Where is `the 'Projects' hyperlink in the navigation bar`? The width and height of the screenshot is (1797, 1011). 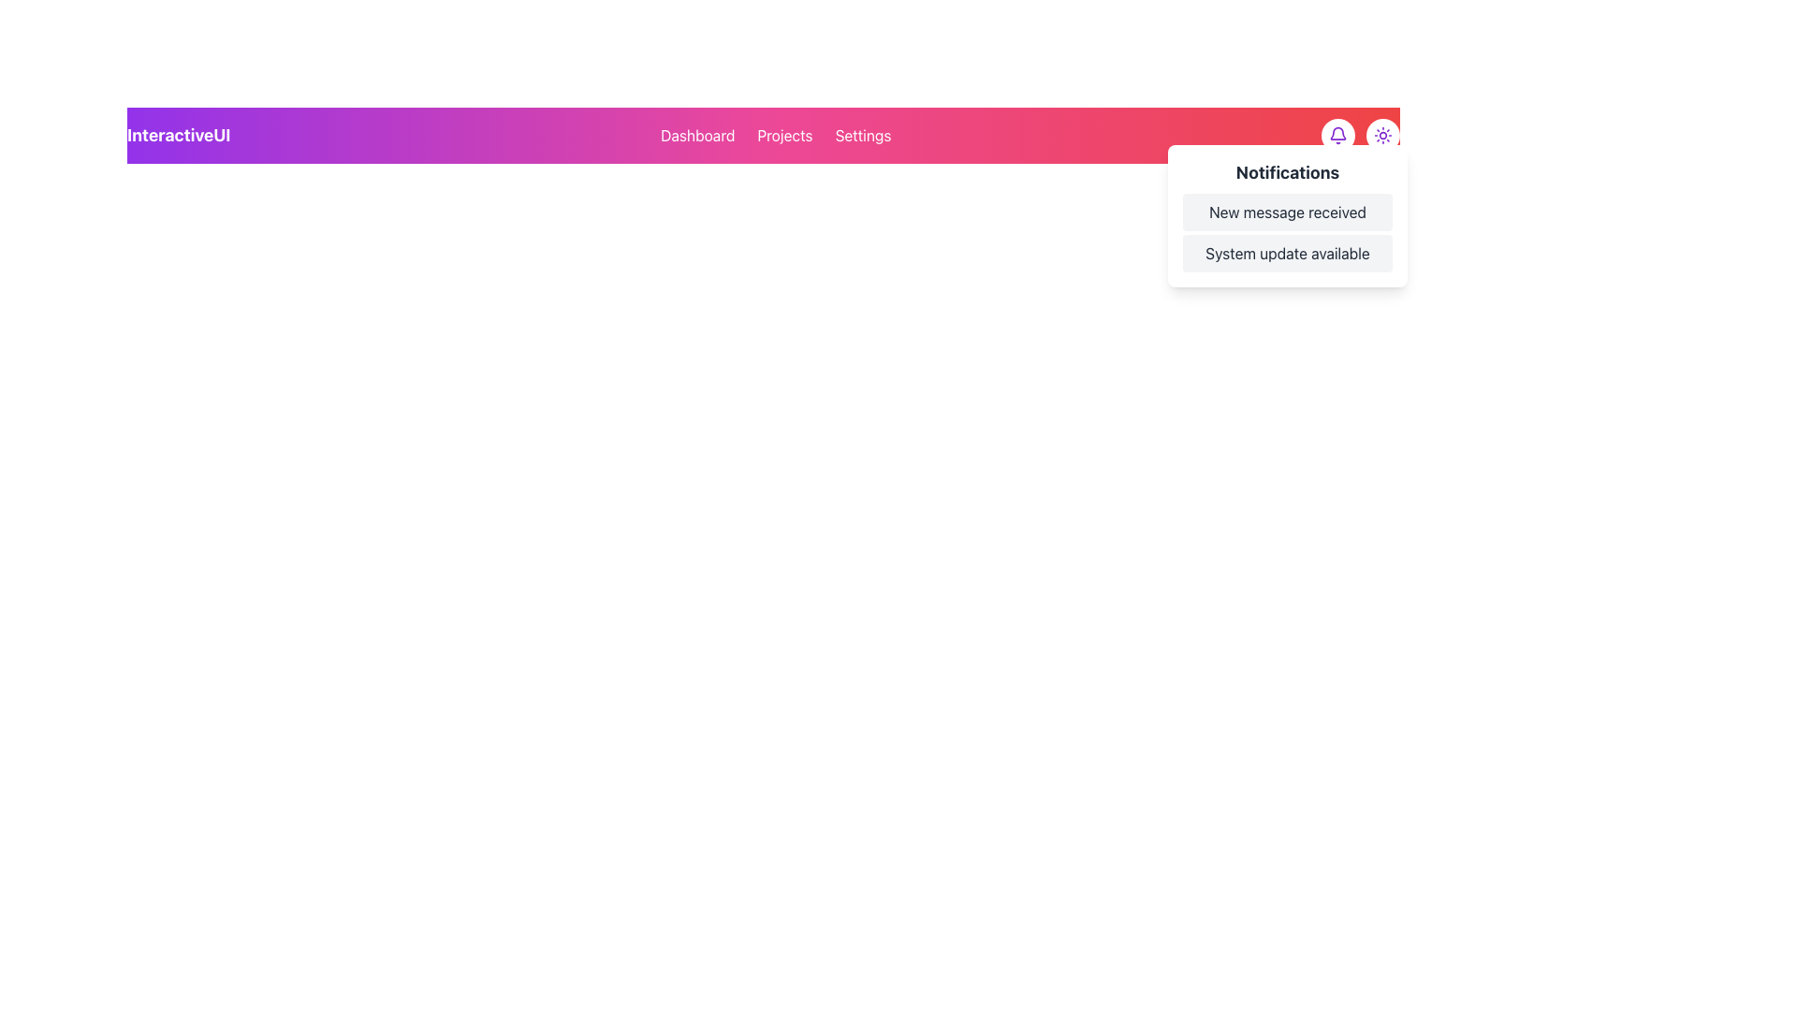
the 'Projects' hyperlink in the navigation bar is located at coordinates (785, 135).